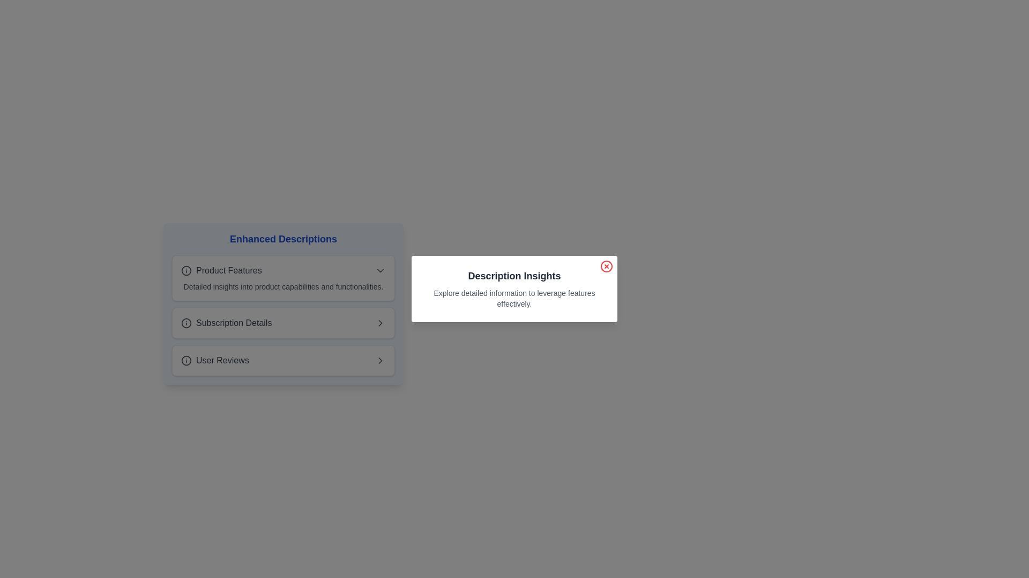  What do you see at coordinates (226, 323) in the screenshot?
I see `the 'Subscription Details' static text label` at bounding box center [226, 323].